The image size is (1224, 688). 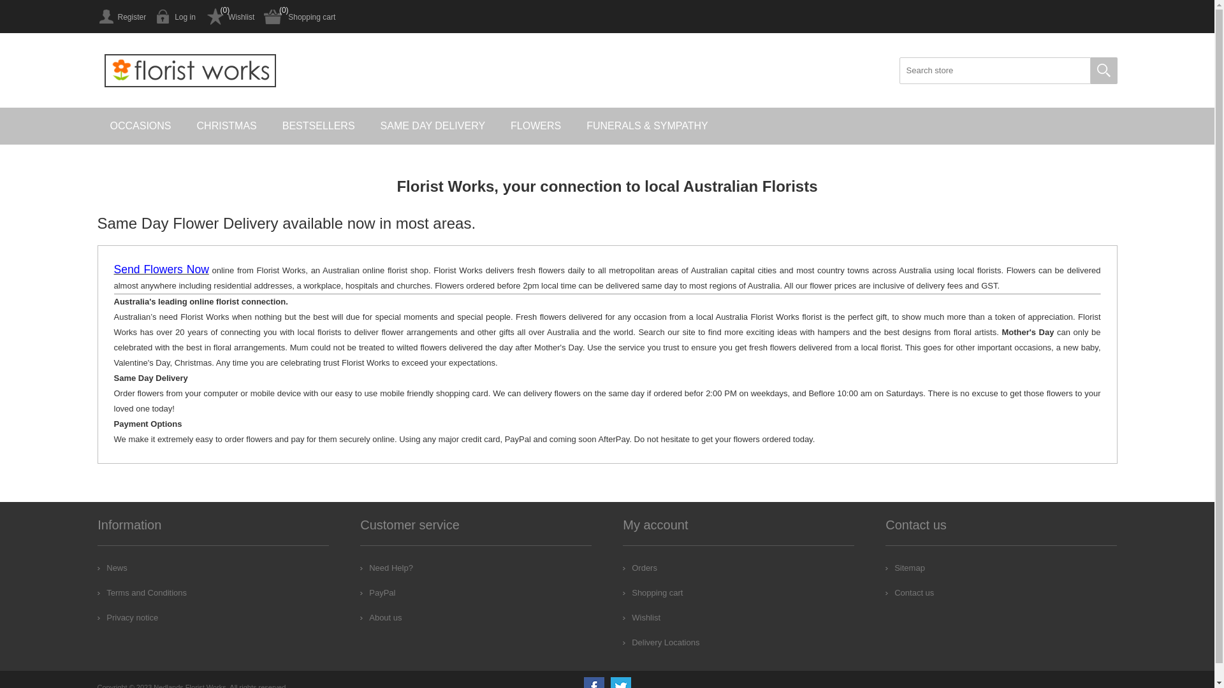 I want to click on 'Wishlist', so click(x=623, y=617).